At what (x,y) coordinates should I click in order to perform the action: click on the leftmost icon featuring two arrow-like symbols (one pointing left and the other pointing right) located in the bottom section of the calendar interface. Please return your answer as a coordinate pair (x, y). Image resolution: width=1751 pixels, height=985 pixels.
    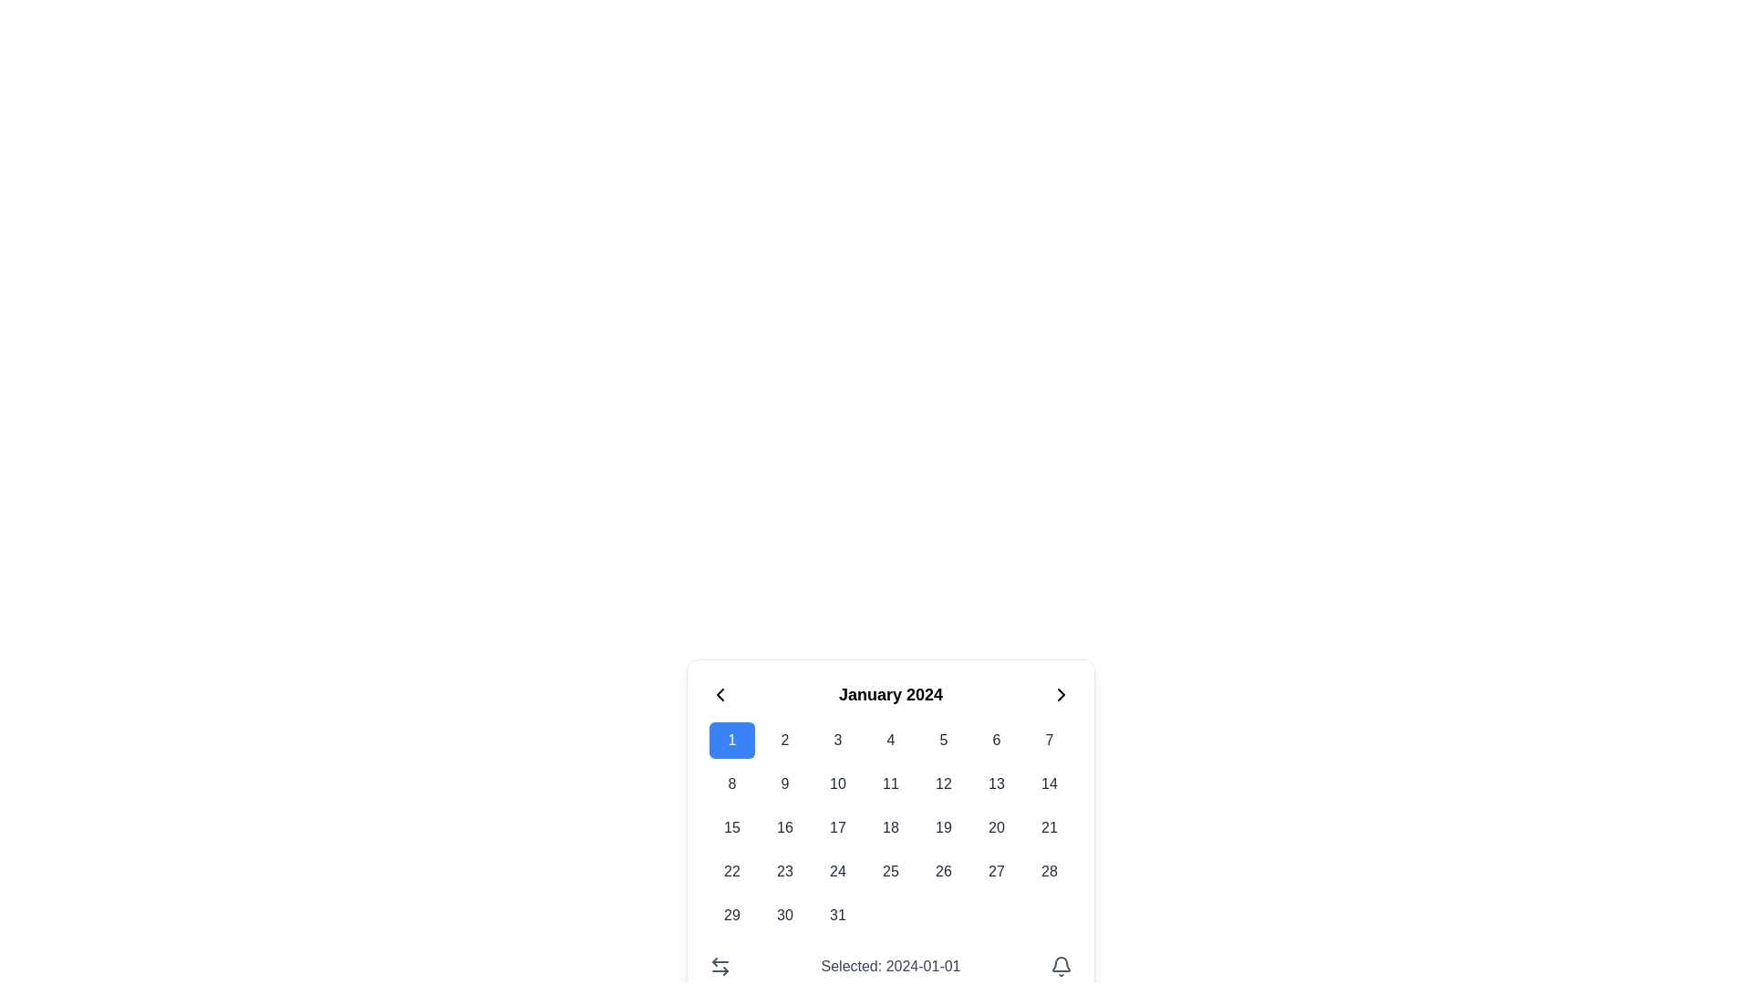
    Looking at the image, I should click on (720, 966).